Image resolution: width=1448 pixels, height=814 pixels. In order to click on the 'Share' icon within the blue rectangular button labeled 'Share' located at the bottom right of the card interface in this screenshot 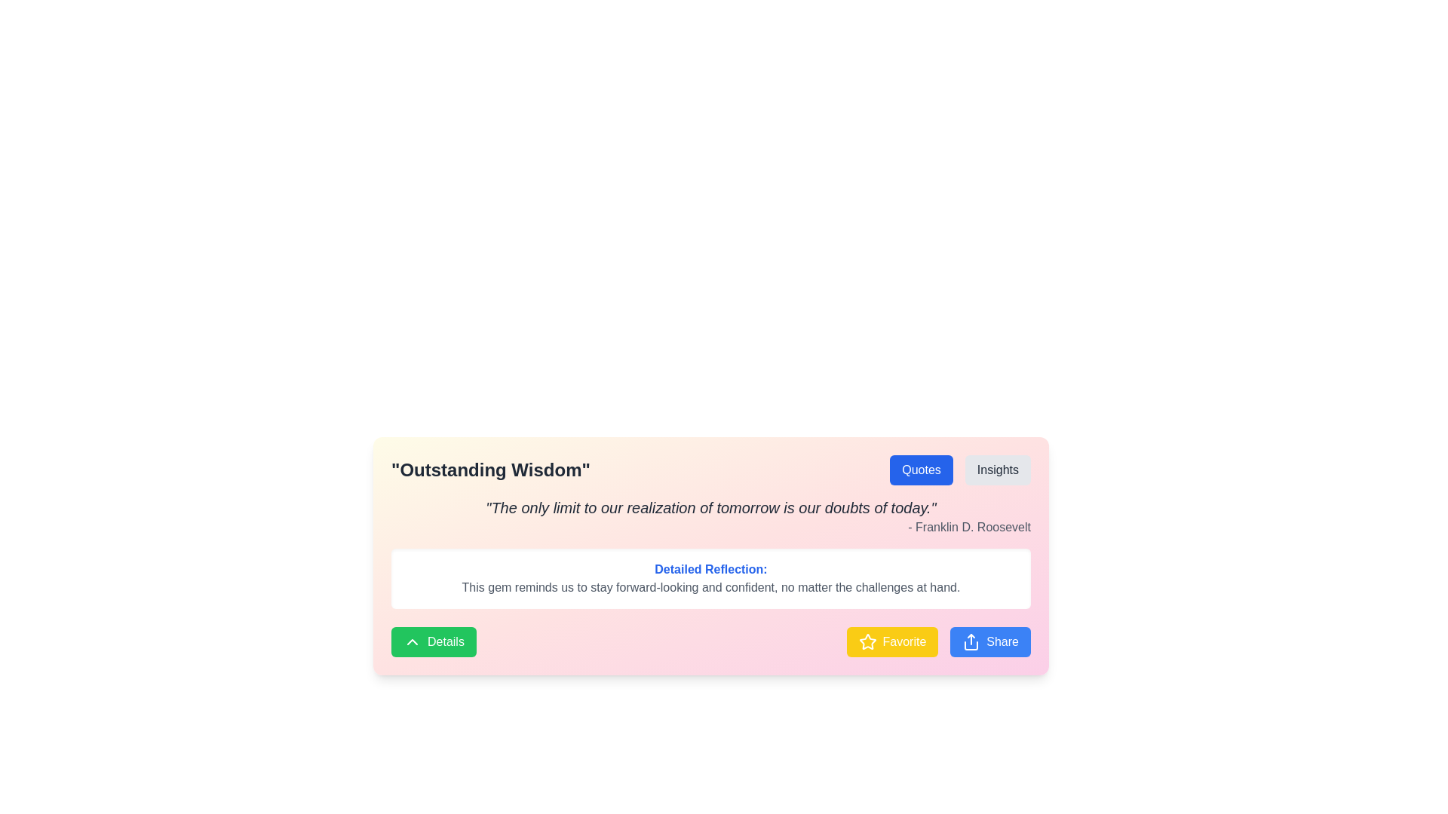, I will do `click(971, 642)`.